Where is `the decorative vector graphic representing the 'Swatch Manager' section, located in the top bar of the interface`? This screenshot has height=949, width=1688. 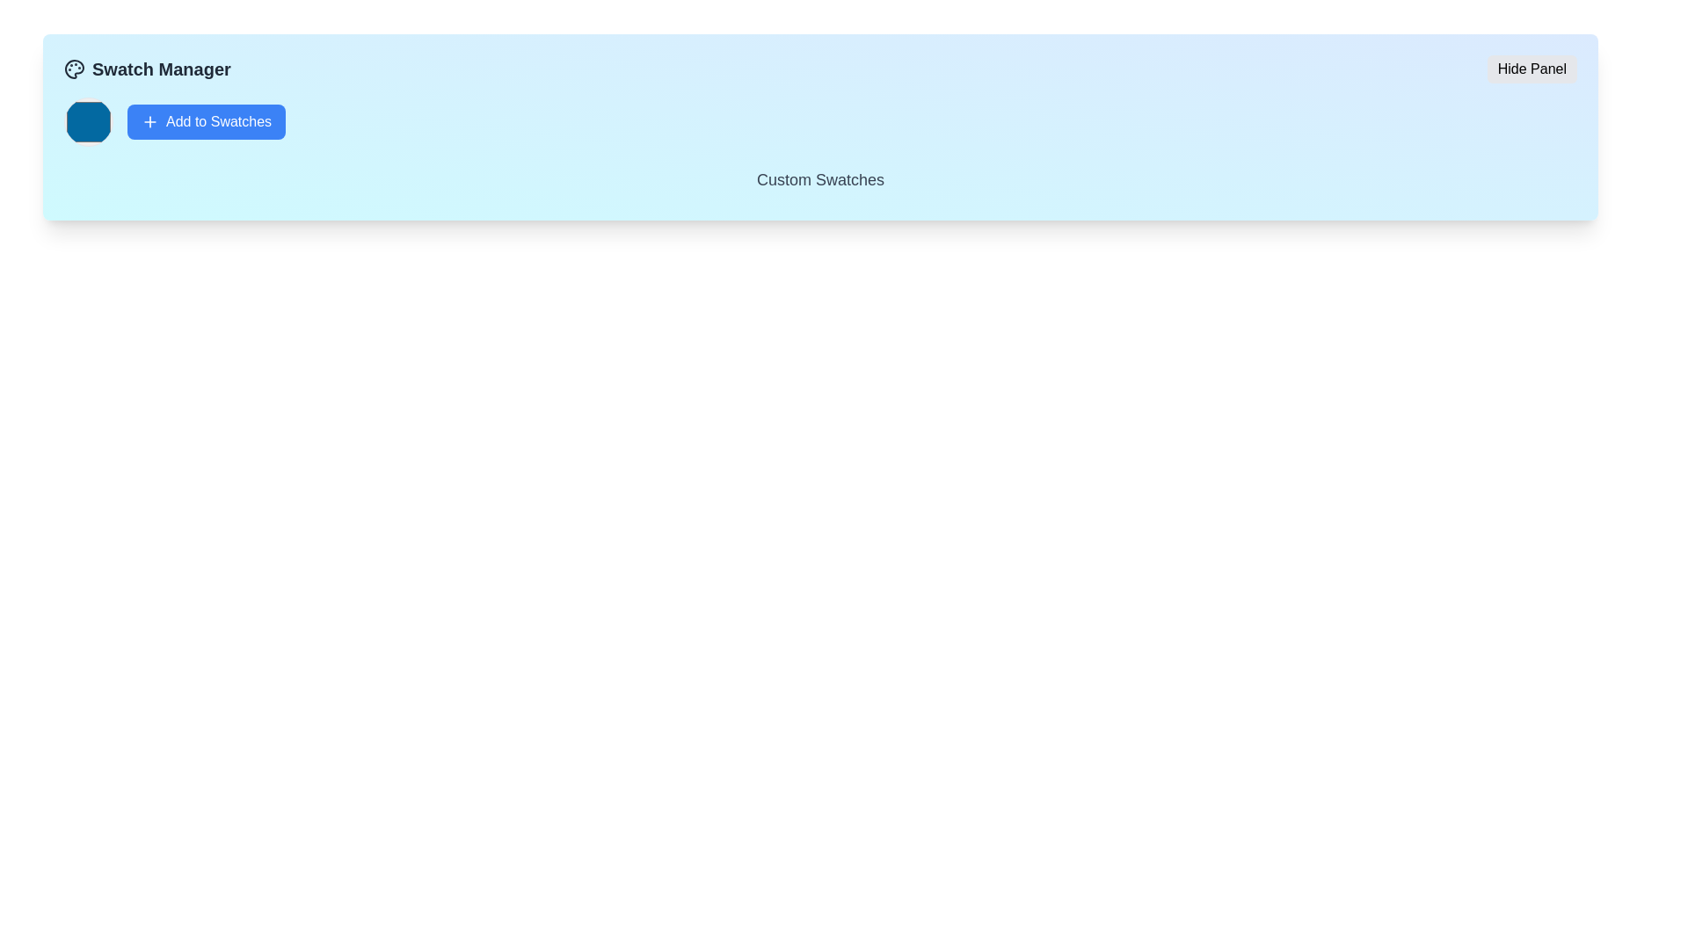
the decorative vector graphic representing the 'Swatch Manager' section, located in the top bar of the interface is located at coordinates (74, 68).